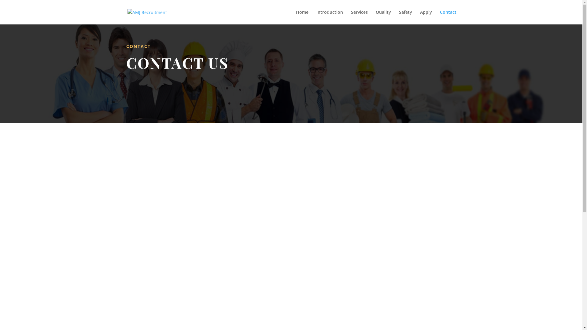  I want to click on 'Apply', so click(419, 17).